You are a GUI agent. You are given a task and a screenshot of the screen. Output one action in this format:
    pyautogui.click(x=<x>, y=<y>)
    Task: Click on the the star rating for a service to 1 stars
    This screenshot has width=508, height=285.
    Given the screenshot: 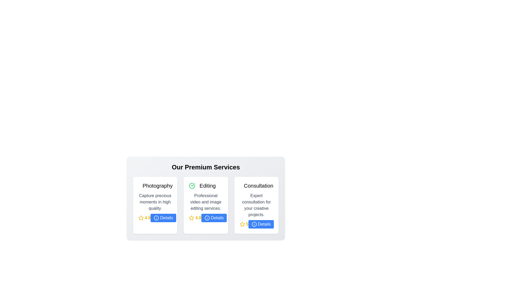 What is the action you would take?
    pyautogui.click(x=138, y=218)
    